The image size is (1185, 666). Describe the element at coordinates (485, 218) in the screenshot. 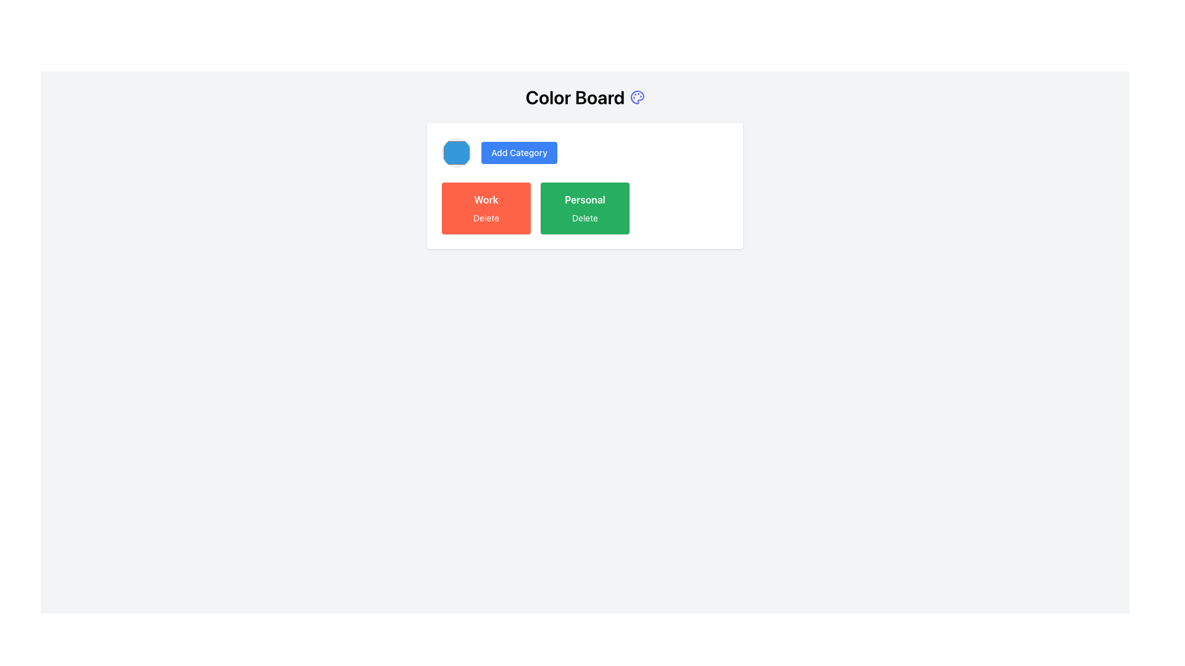

I see `the 'Delete' button` at that location.